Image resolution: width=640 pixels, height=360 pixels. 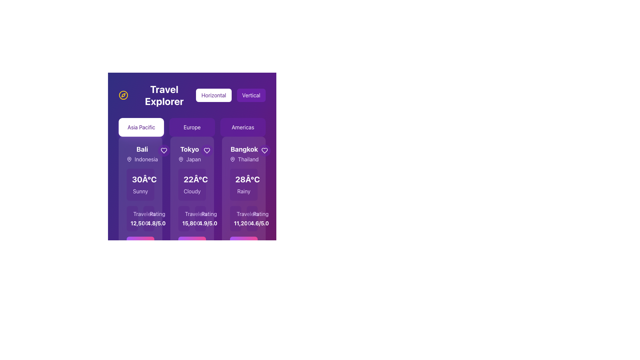 I want to click on the 'Asia Pacific' button, which is a rectangular component with rounded corners and purple text, so click(x=141, y=127).